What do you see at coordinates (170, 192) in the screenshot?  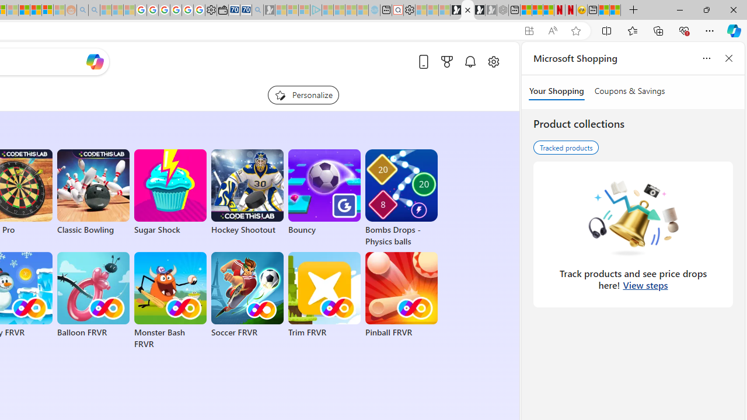 I see `'Sugar Shock'` at bounding box center [170, 192].